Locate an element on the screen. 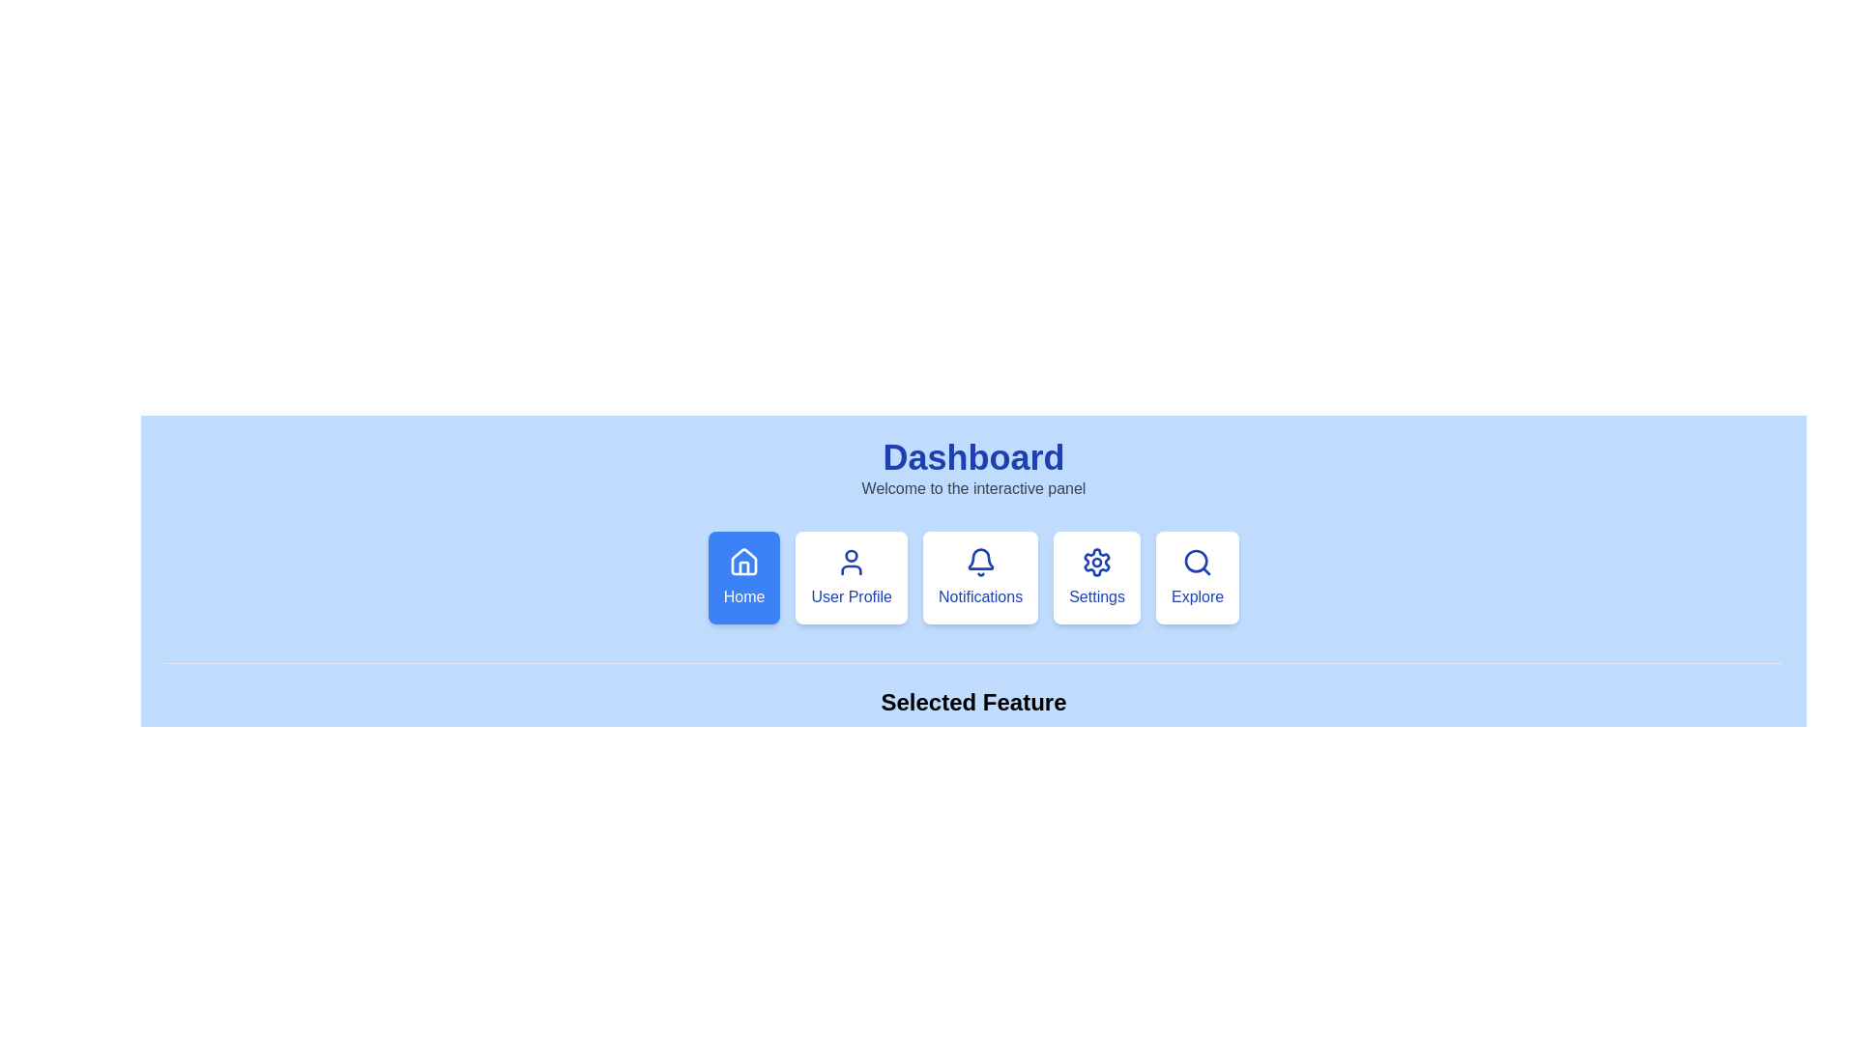 Image resolution: width=1856 pixels, height=1044 pixels. the outlined blue user icon located at the top of the 'User Profile' card in the navigation row beneath 'Dashboard' is located at coordinates (851, 563).